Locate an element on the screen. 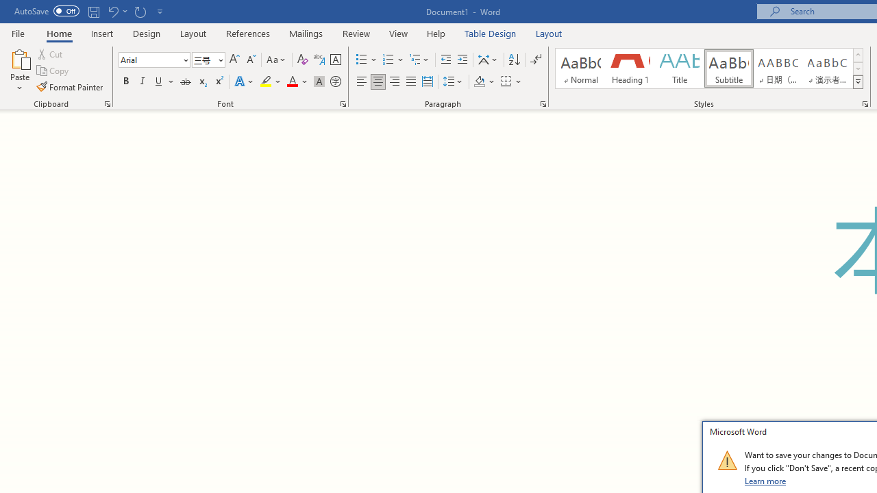  'Decrease Indent' is located at coordinates (445, 59).